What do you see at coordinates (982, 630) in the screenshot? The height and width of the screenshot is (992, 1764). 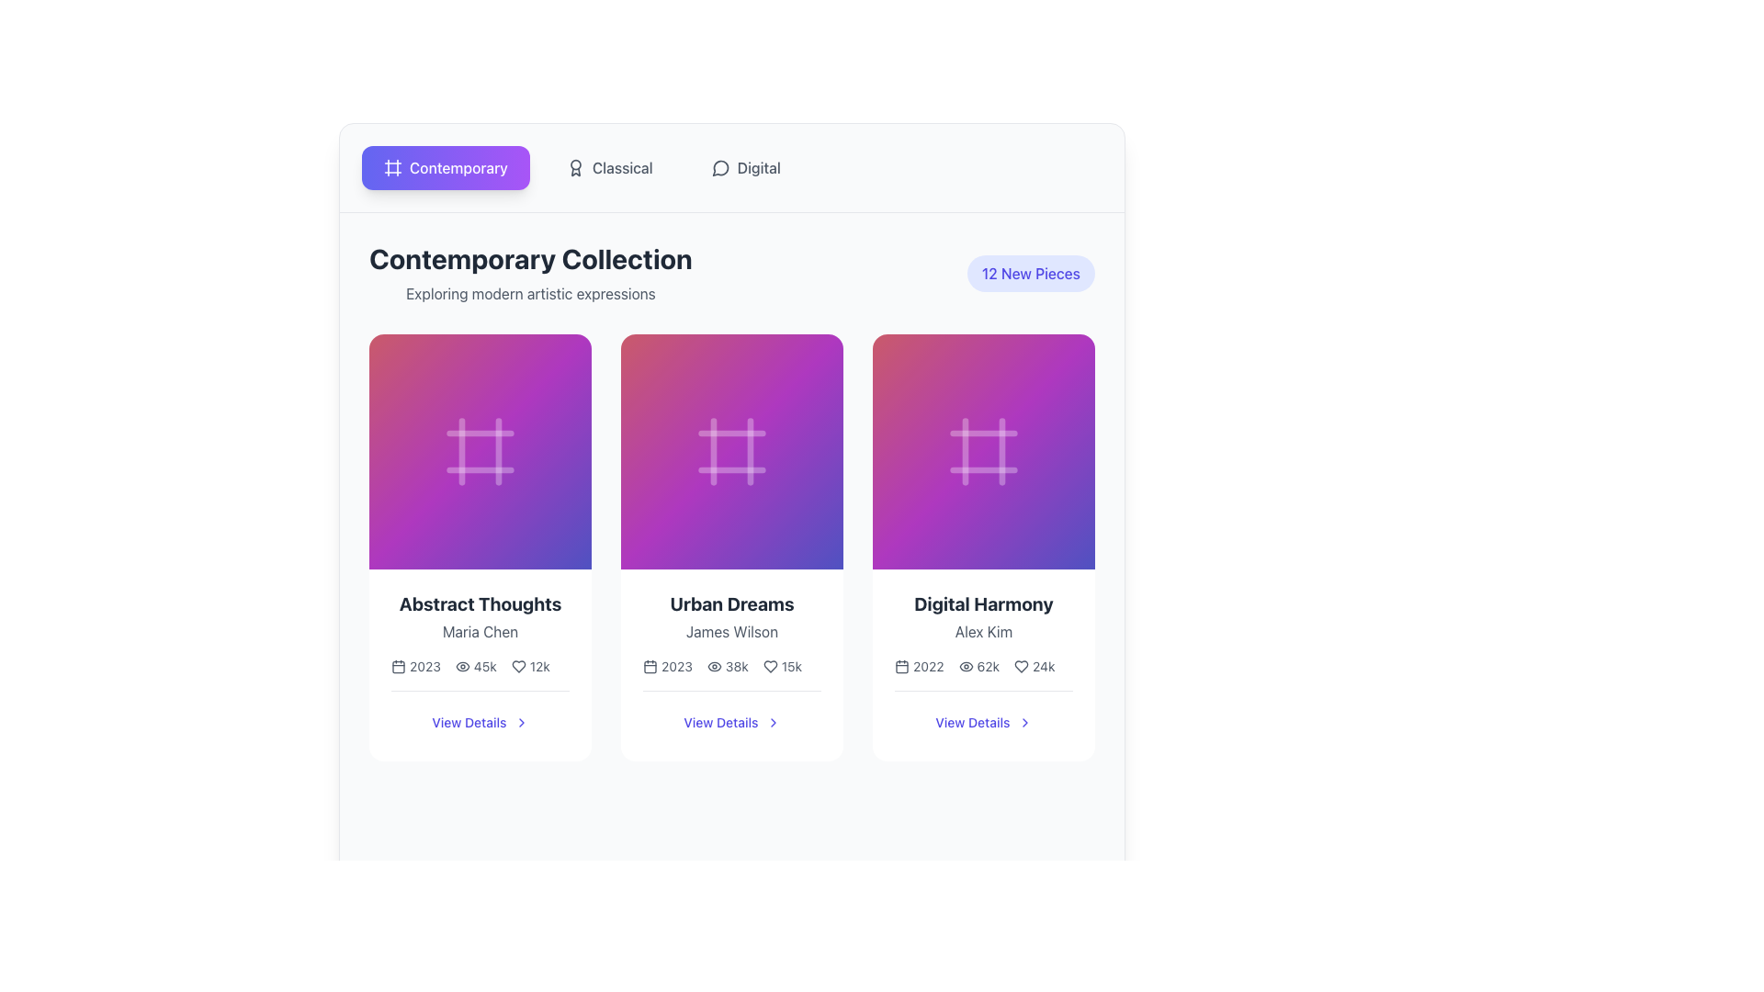 I see `the Text label that designates the author for the digital item 'Digital Harmony', located below the title and above the metadata row in the rightmost column of the grid layout` at bounding box center [982, 630].